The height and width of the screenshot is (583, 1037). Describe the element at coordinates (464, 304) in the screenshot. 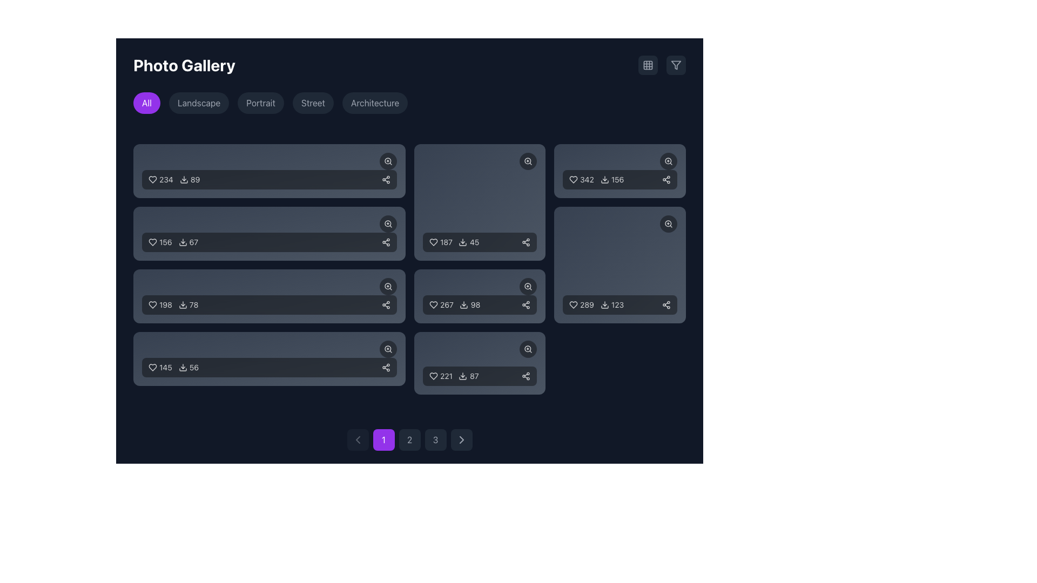

I see `the download button icon represented by a download icon, located near the text '98' in the bottom-right segment of the grid layout` at that location.